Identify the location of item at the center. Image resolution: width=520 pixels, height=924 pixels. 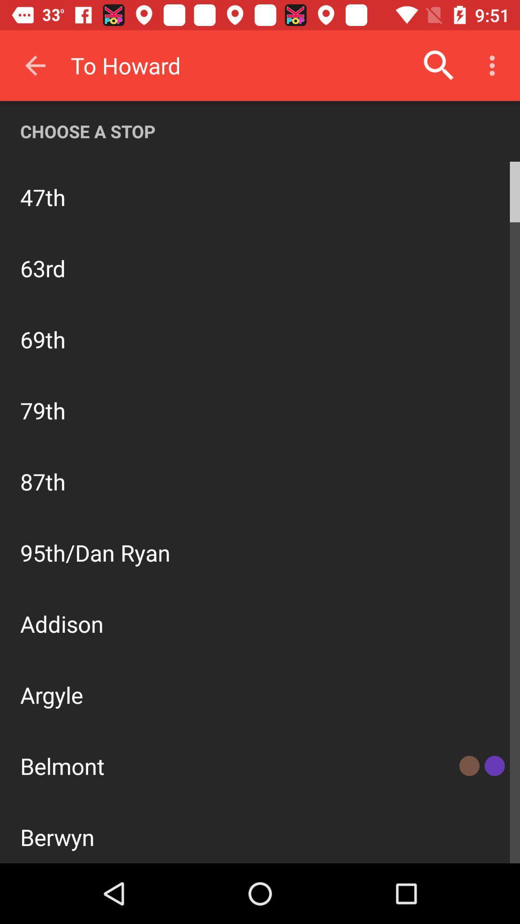
(260, 519).